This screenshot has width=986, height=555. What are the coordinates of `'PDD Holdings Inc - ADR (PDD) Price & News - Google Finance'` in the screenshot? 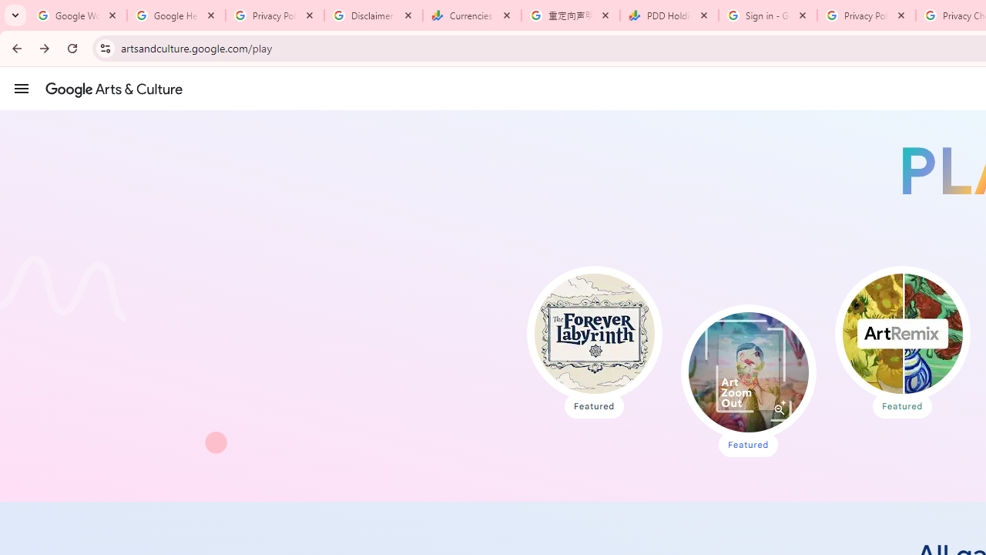 It's located at (669, 15).